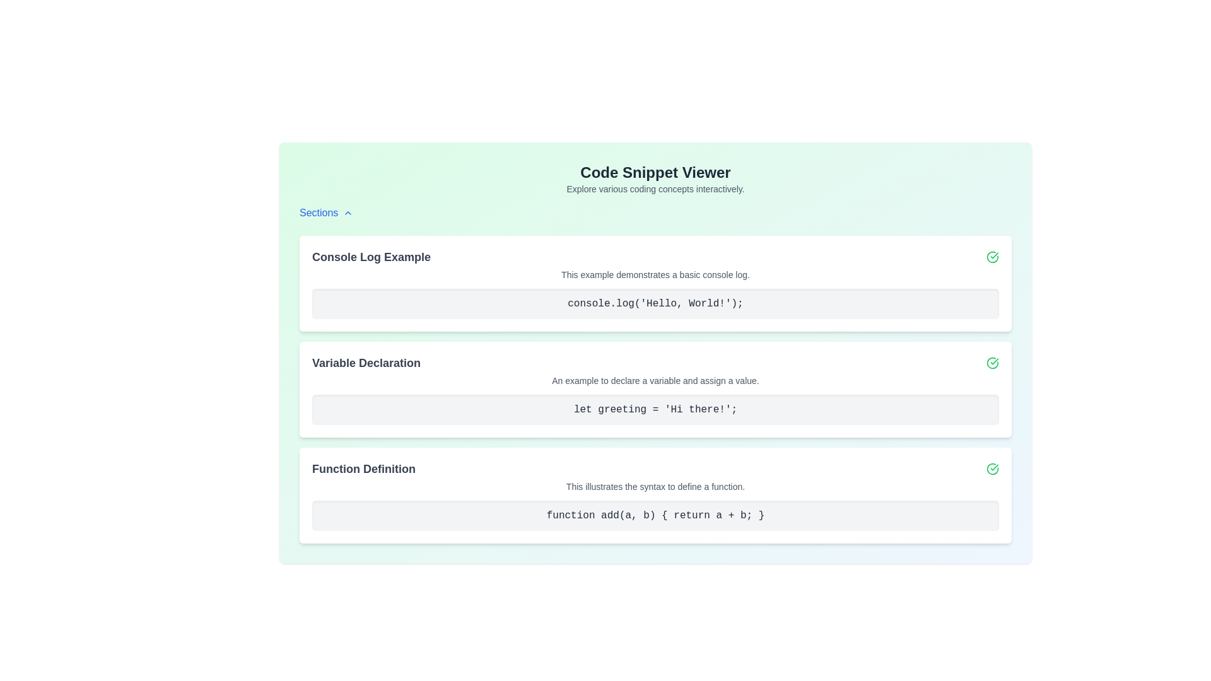 Image resolution: width=1211 pixels, height=681 pixels. What do you see at coordinates (348, 212) in the screenshot?
I see `the Chevron Icon located to the right of the 'Sections' label in the header section` at bounding box center [348, 212].